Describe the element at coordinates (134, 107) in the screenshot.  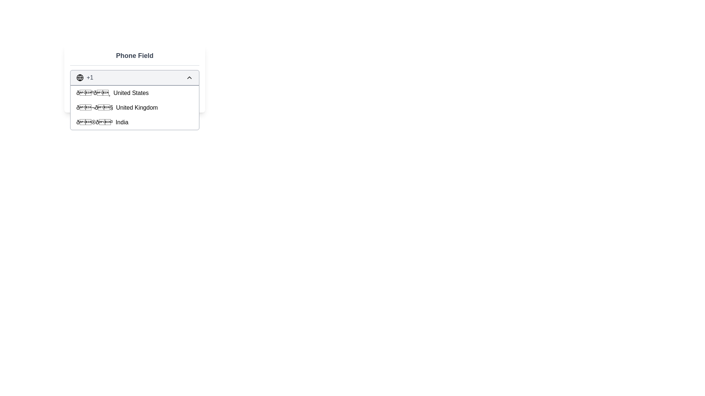
I see `the 'United Kingdom' option in the dropdown list located below the country code field ('+1')` at that location.